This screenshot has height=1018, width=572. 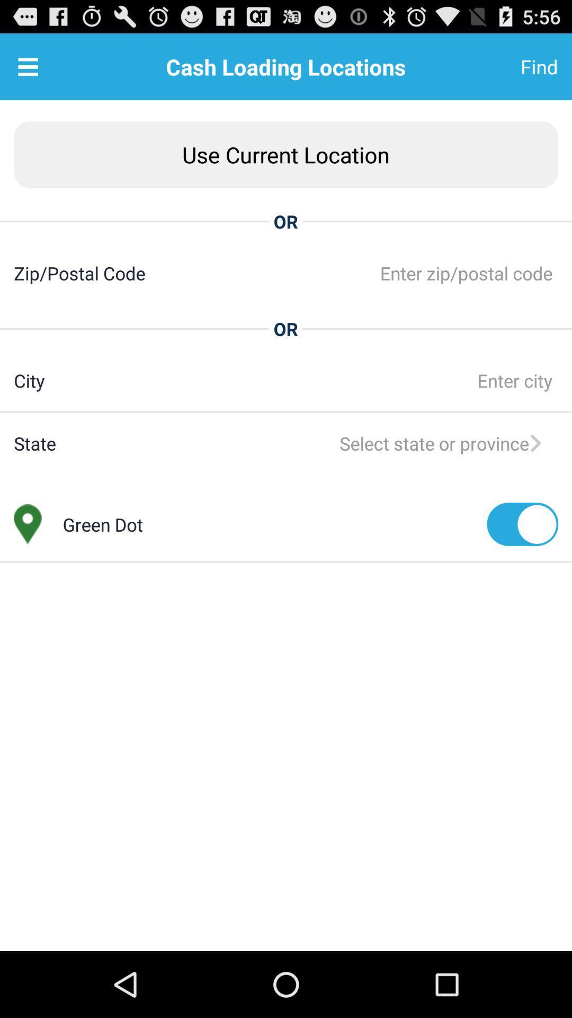 I want to click on icon next to the green dot app, so click(x=522, y=524).